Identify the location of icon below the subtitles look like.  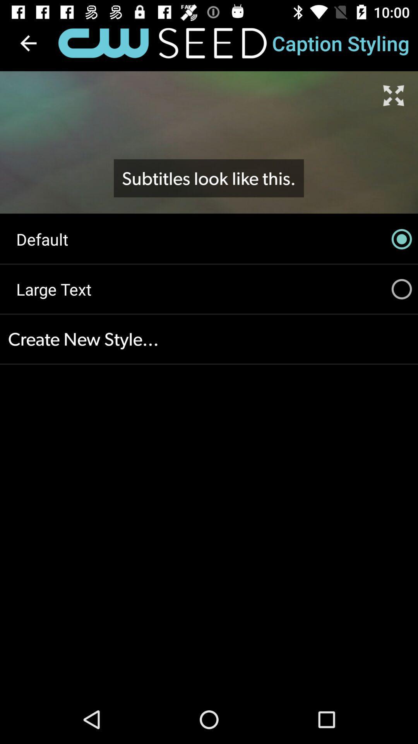
(209, 239).